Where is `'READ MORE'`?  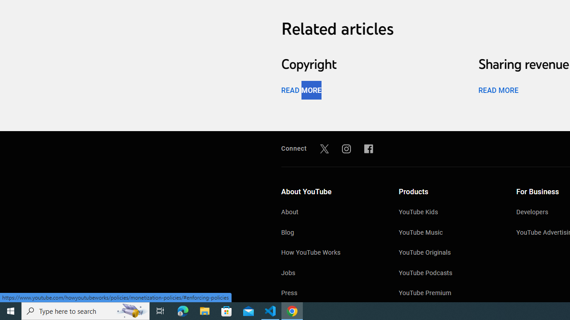 'READ MORE' is located at coordinates (498, 90).